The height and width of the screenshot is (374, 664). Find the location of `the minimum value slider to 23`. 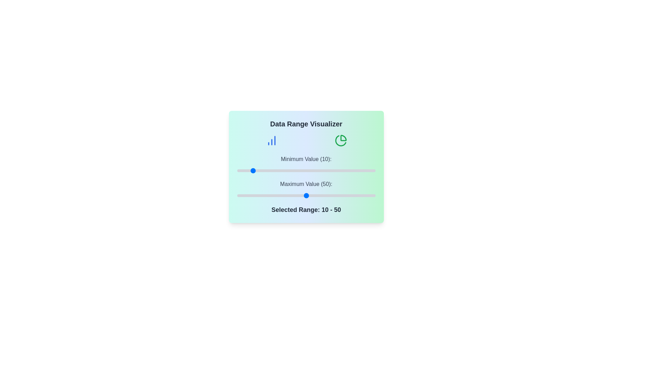

the minimum value slider to 23 is located at coordinates (268, 171).